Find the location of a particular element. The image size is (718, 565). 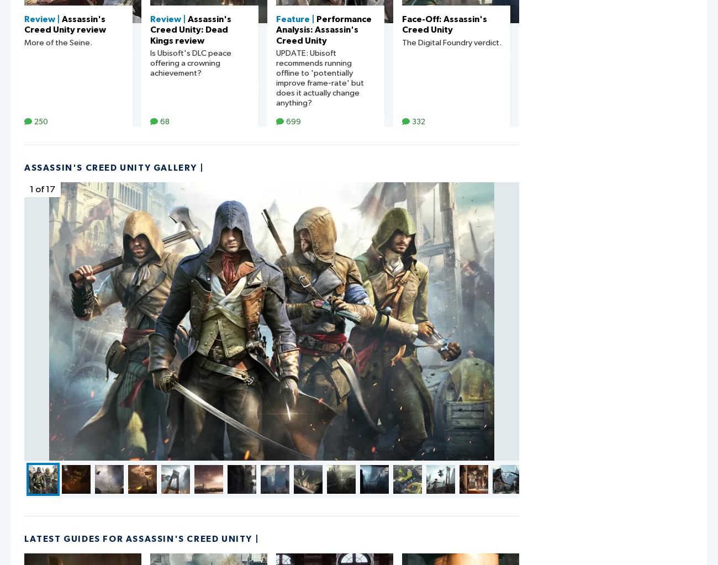

'332' is located at coordinates (411, 121).